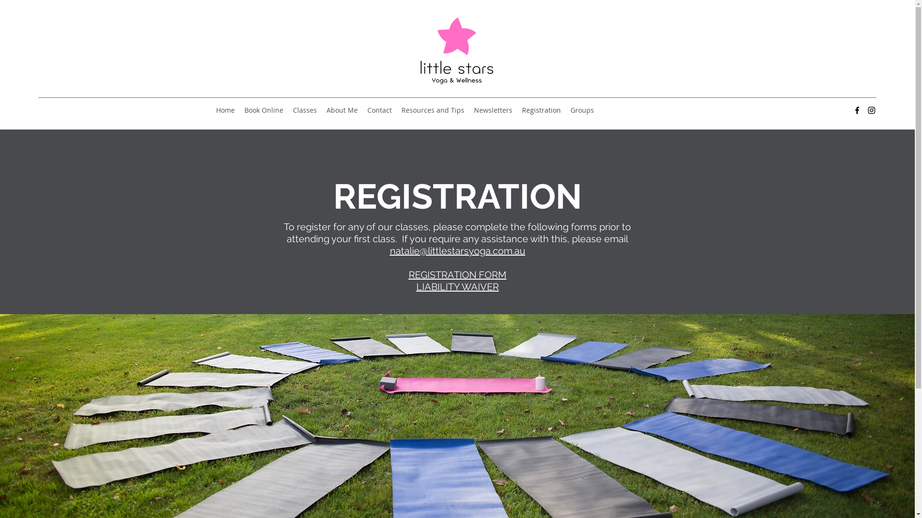 This screenshot has width=922, height=518. What do you see at coordinates (432, 110) in the screenshot?
I see `'Resources and Tips'` at bounding box center [432, 110].